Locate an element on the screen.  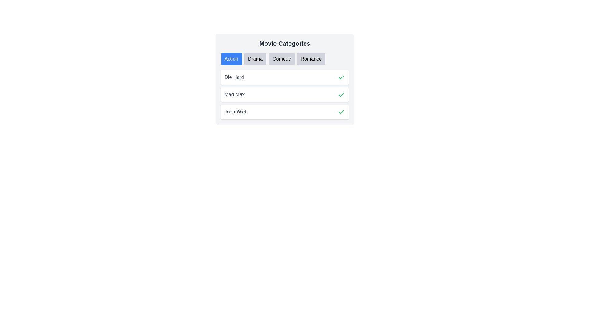
the selection indicator icon (checkmark) located to the far right of the text 'Die Hard' is located at coordinates (341, 77).